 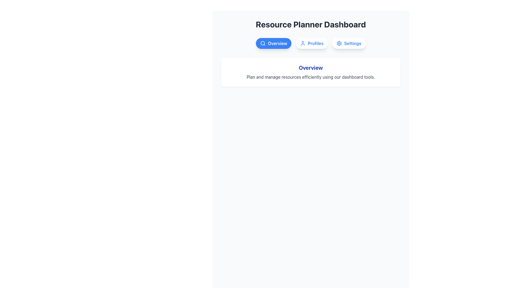 What do you see at coordinates (263, 43) in the screenshot?
I see `the circular vector graphic element within the SVG of the search icon located inside the 'Overview' button` at bounding box center [263, 43].